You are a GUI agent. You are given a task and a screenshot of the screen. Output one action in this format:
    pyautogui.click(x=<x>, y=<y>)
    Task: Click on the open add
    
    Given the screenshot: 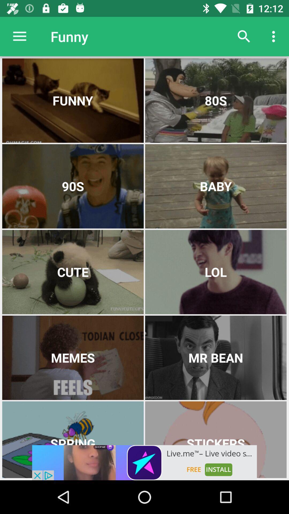 What is the action you would take?
    pyautogui.click(x=144, y=462)
    